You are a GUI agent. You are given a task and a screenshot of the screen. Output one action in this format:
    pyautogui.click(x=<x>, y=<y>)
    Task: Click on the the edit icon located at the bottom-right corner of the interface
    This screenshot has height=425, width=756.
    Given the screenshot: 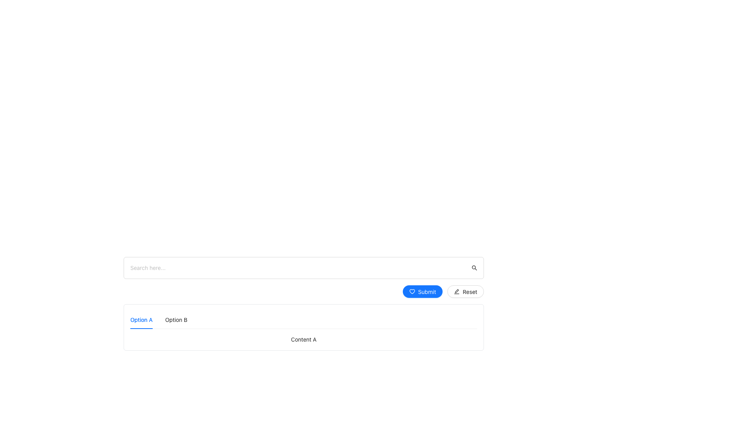 What is the action you would take?
    pyautogui.click(x=457, y=292)
    